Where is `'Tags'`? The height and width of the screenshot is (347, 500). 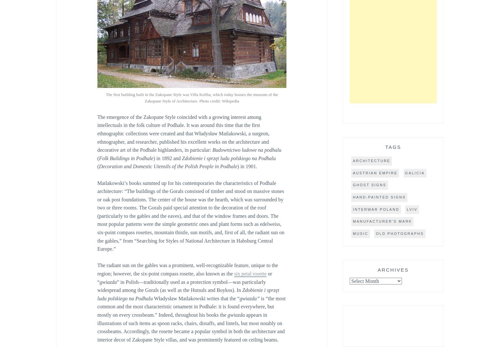 'Tags' is located at coordinates (393, 146).